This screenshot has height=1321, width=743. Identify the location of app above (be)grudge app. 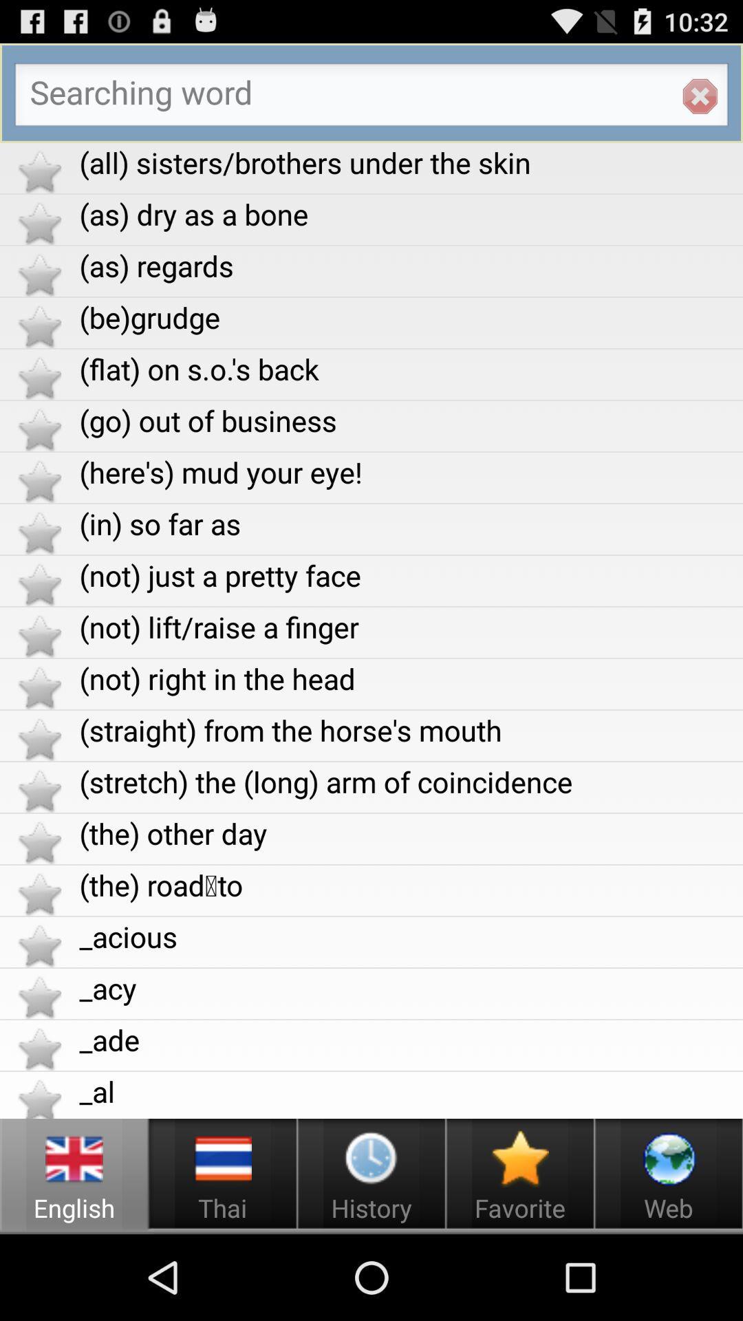
(410, 266).